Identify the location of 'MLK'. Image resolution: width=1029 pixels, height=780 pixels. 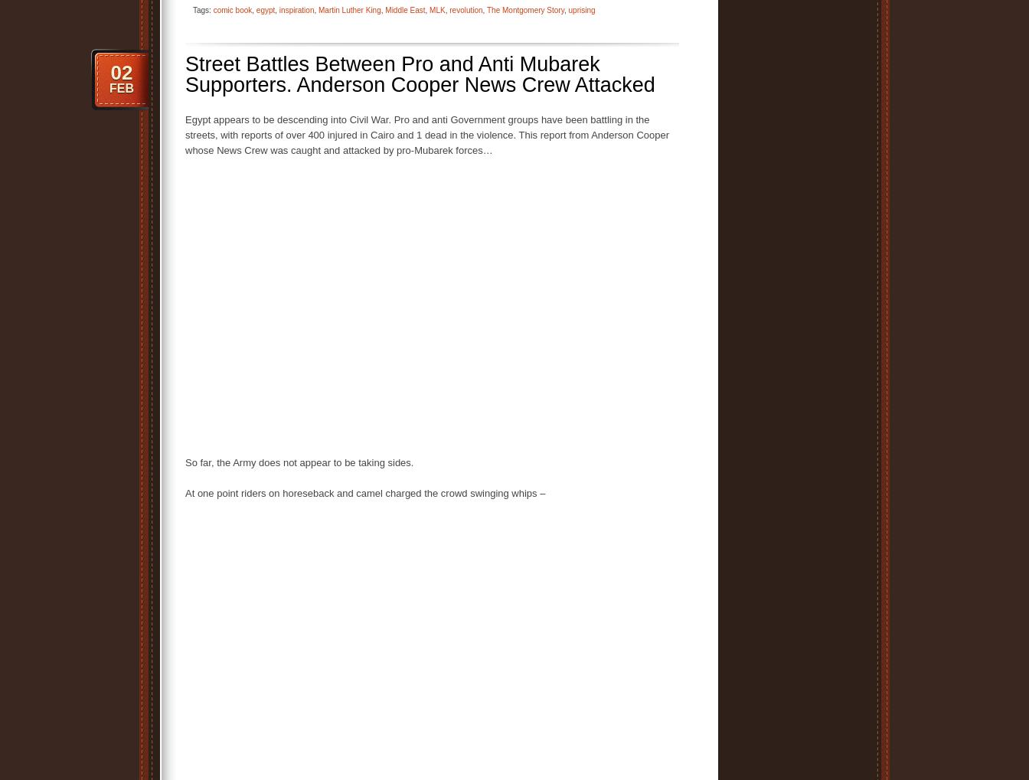
(437, 8).